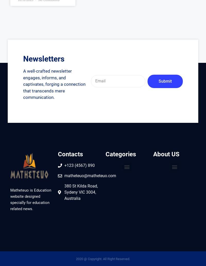 The height and width of the screenshot is (266, 206). Describe the element at coordinates (81, 192) in the screenshot. I see `'380 St Kilda Road, Sydeny VIC 3004, Australia'` at that location.